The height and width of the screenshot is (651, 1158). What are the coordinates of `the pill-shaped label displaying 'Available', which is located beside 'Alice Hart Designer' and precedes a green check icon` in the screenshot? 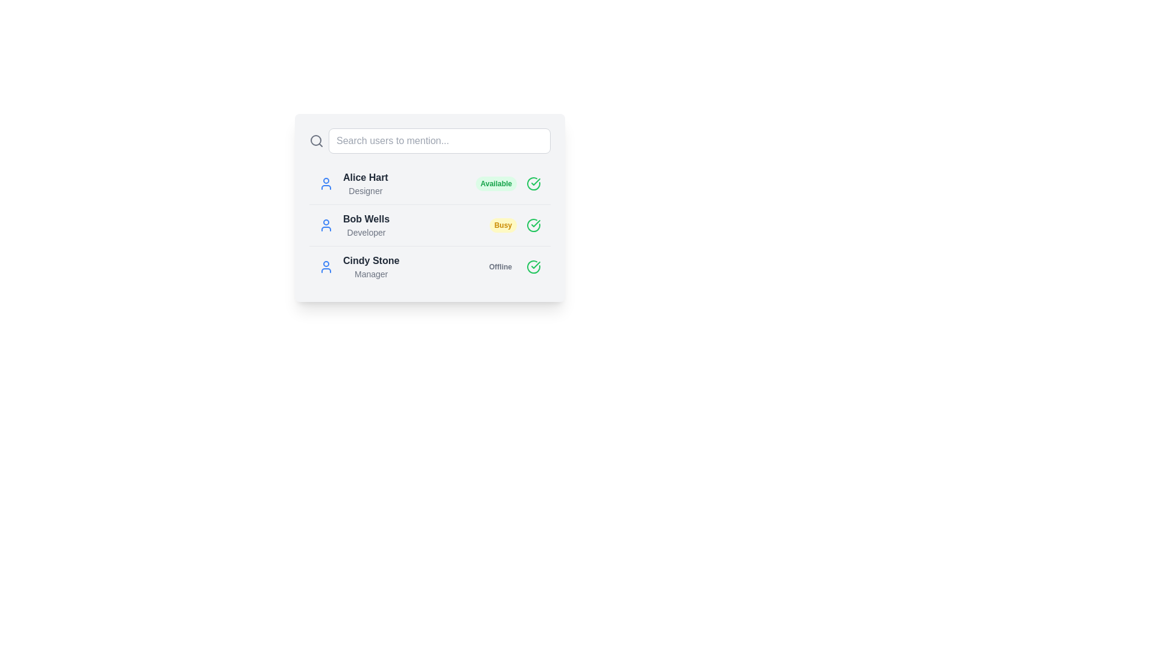 It's located at (496, 183).